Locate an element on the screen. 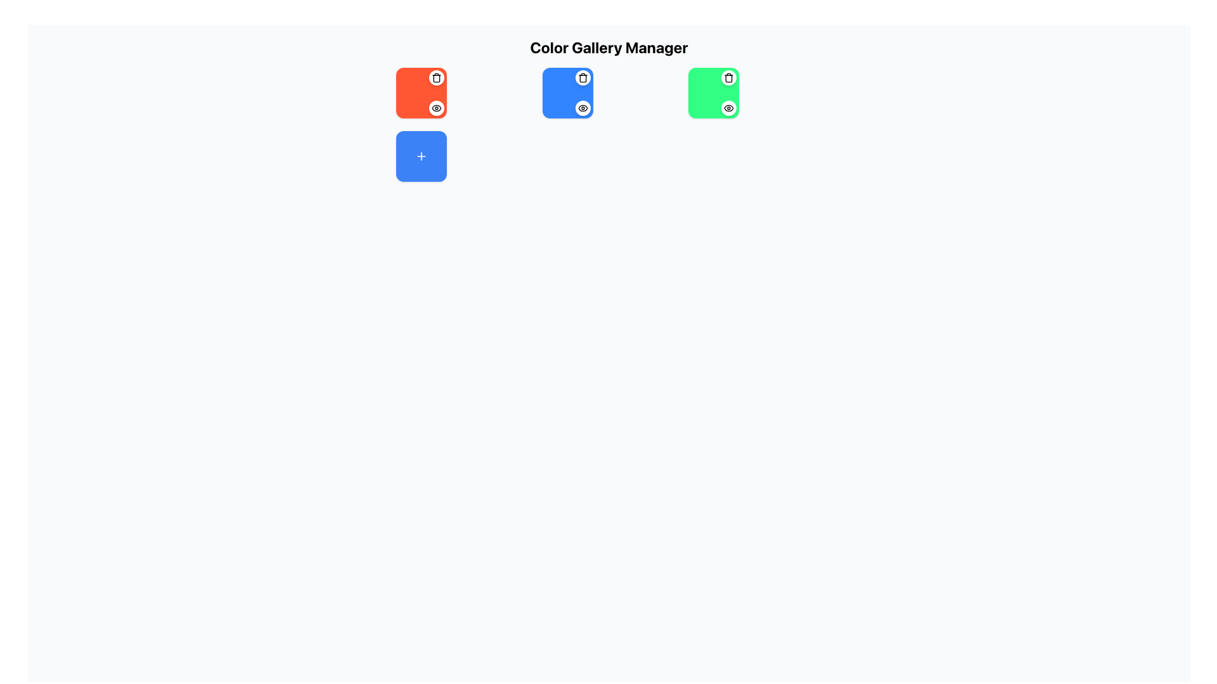 The width and height of the screenshot is (1217, 684). the interactive eye button located at the bottom-right corner of the blue square in the Color Gallery Manager interface is located at coordinates (582, 107).